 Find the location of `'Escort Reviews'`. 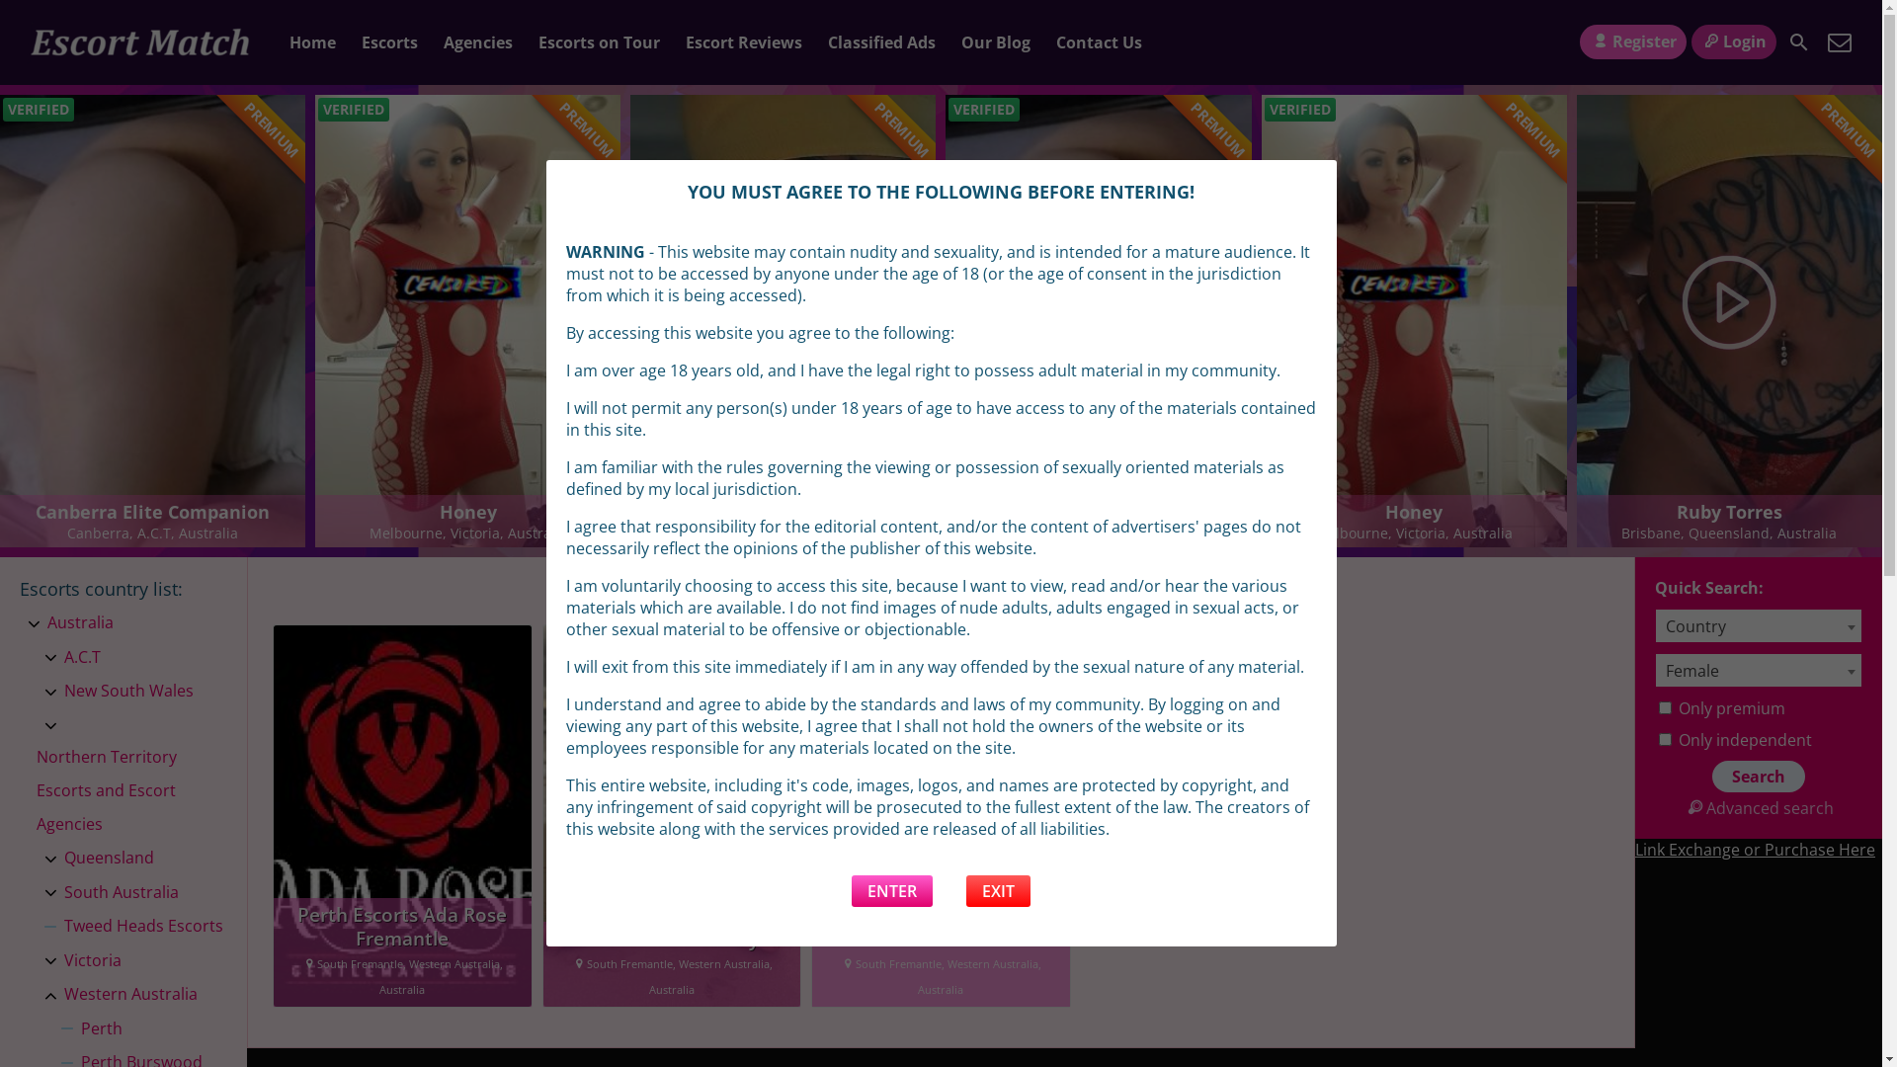

'Escort Reviews' is located at coordinates (743, 42).